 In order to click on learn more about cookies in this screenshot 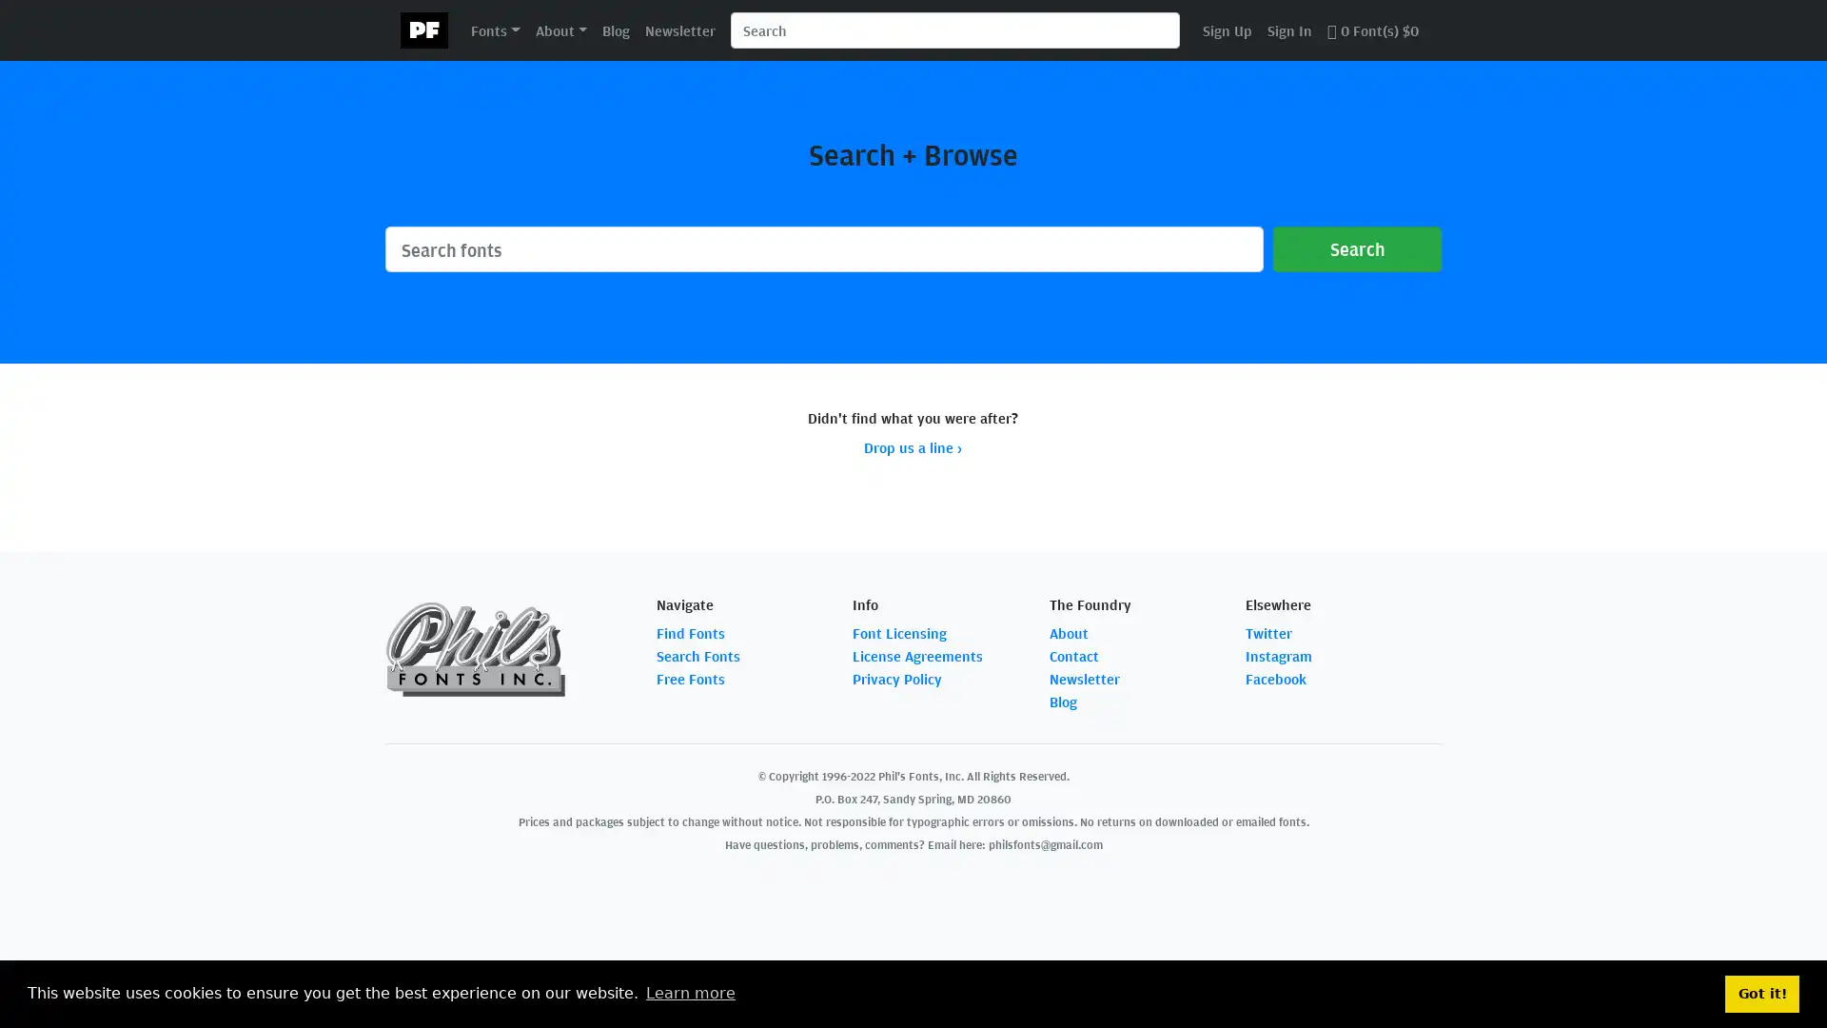, I will do `click(689, 993)`.